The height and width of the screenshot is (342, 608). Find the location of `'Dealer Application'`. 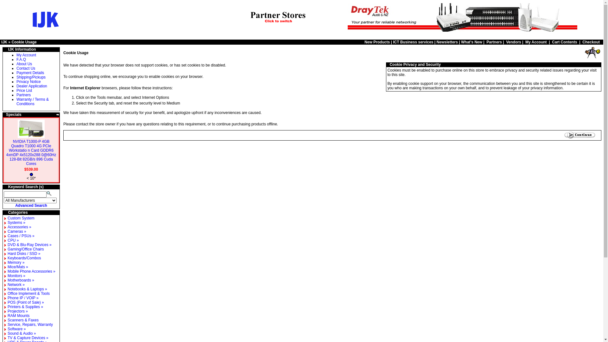

'Dealer Application' is located at coordinates (31, 86).